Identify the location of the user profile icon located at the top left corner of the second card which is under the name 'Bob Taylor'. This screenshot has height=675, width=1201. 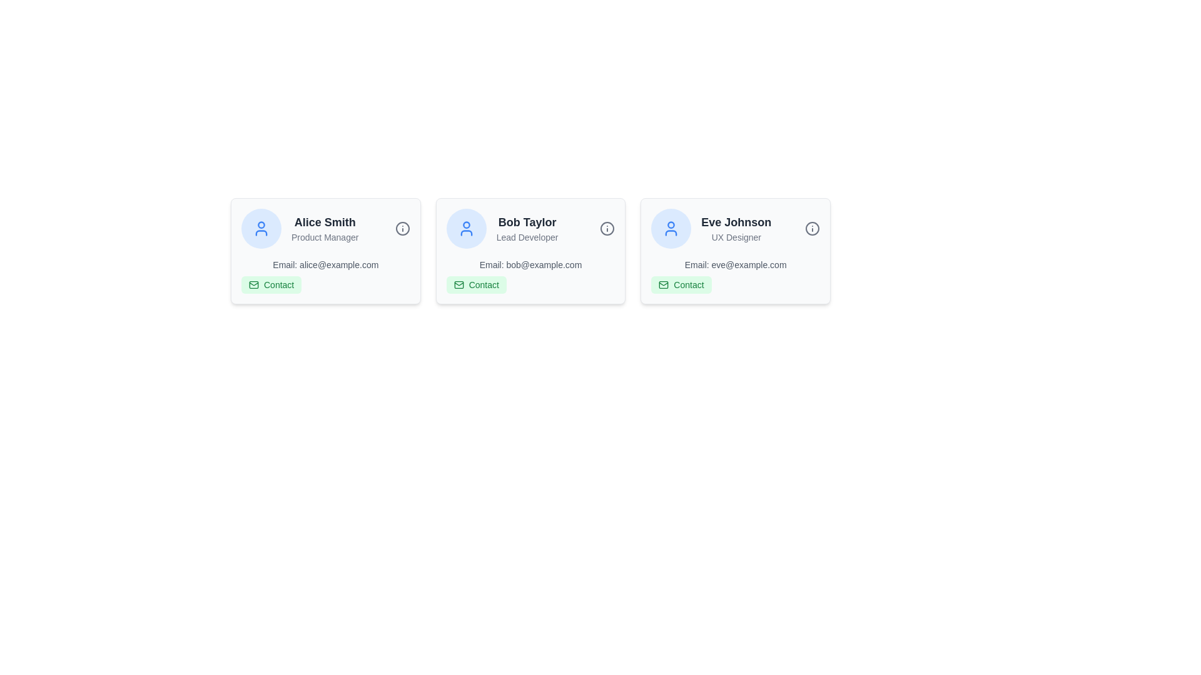
(465, 229).